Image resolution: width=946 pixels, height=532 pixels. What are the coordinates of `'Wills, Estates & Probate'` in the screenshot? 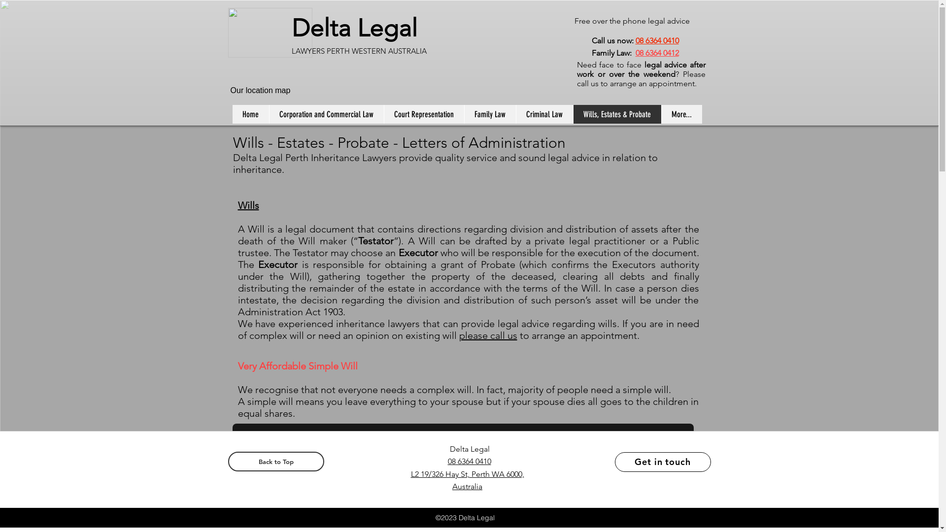 It's located at (616, 113).